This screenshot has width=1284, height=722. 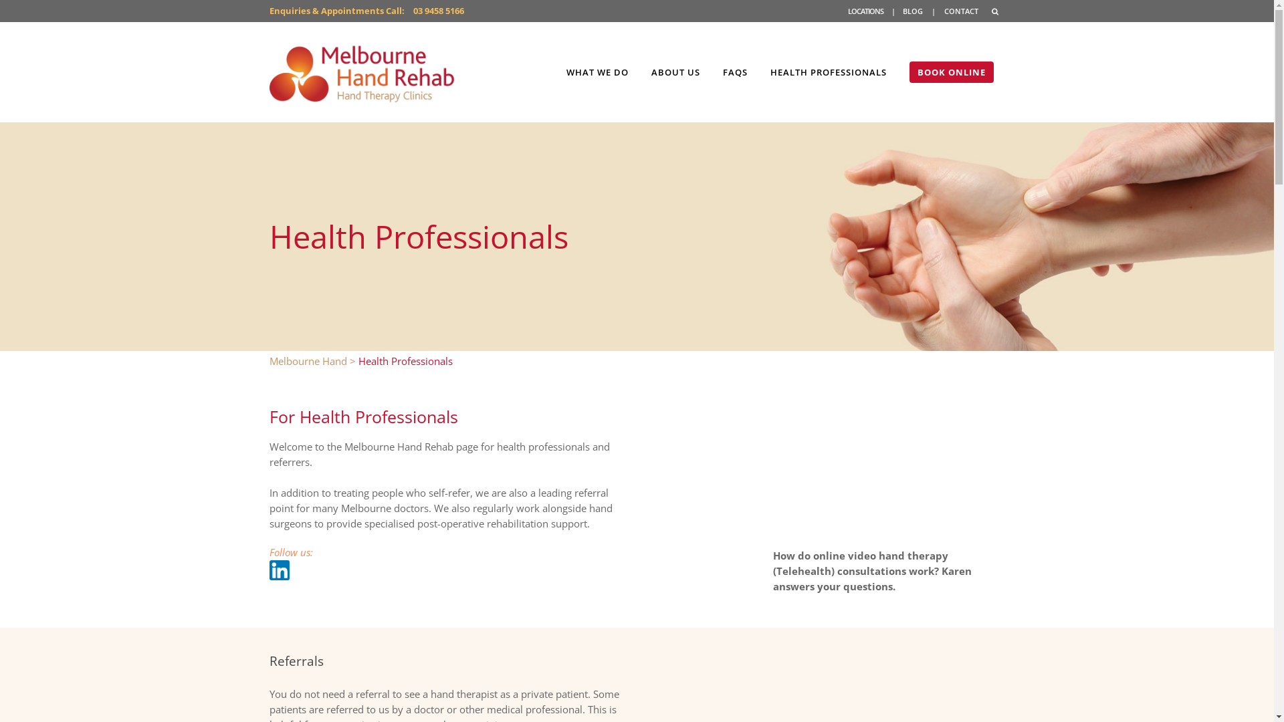 What do you see at coordinates (307, 361) in the screenshot?
I see `'Melbourne Hand'` at bounding box center [307, 361].